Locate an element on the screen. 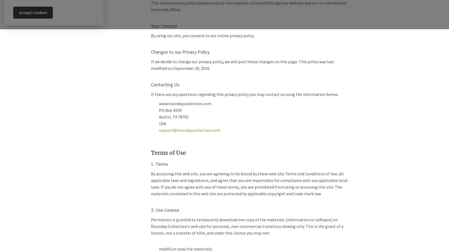  '2. Use License' is located at coordinates (164, 210).